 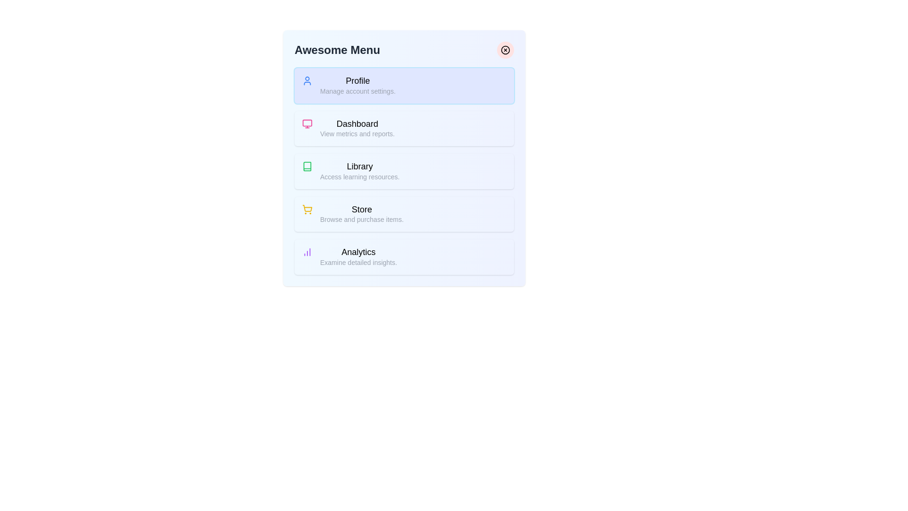 What do you see at coordinates (404, 129) in the screenshot?
I see `the menu item labeled Dashboard` at bounding box center [404, 129].